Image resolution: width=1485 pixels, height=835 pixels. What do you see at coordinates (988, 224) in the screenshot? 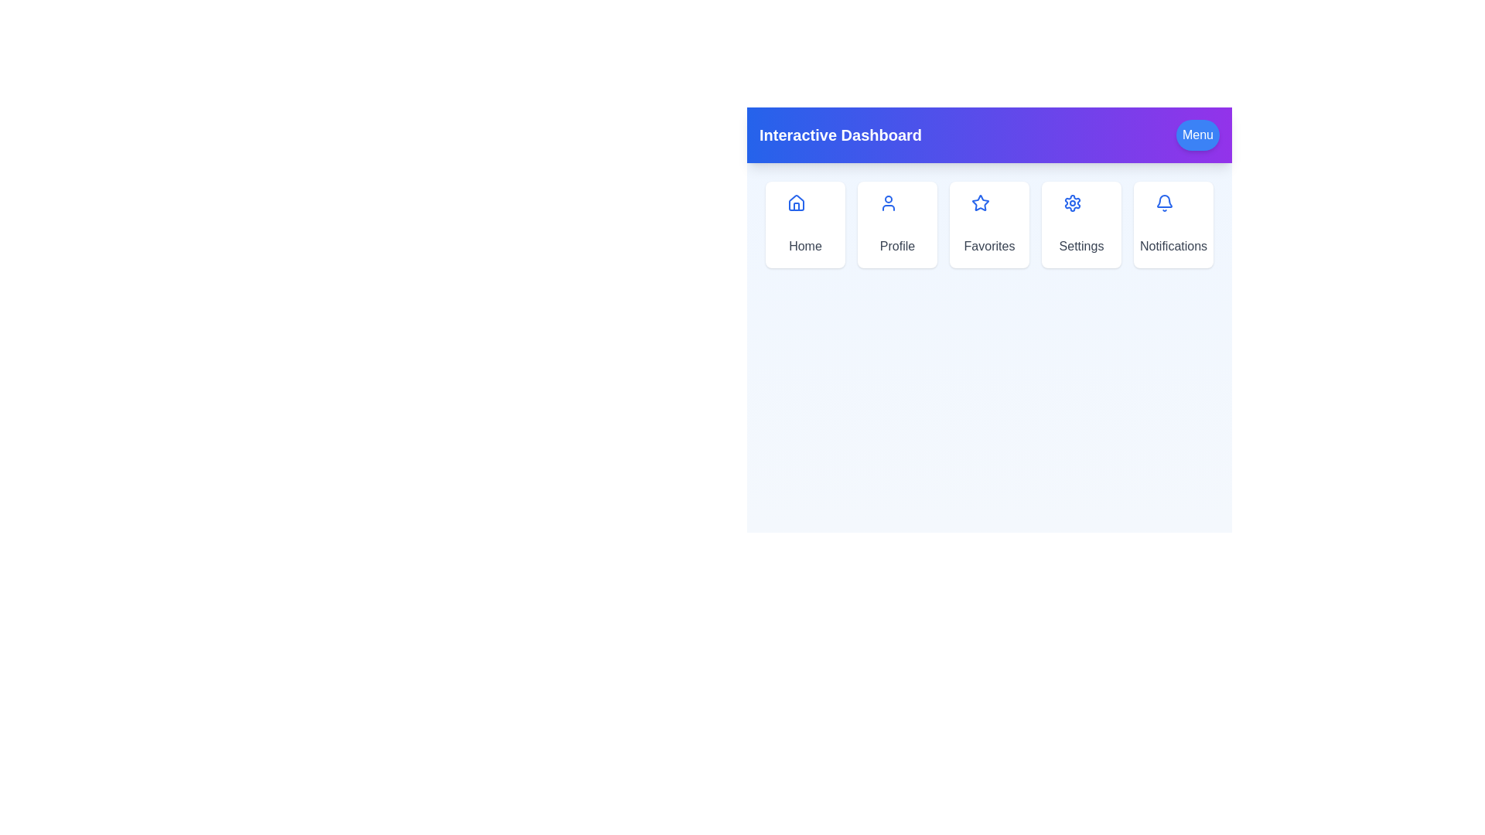
I see `the Favorites menu option` at bounding box center [988, 224].